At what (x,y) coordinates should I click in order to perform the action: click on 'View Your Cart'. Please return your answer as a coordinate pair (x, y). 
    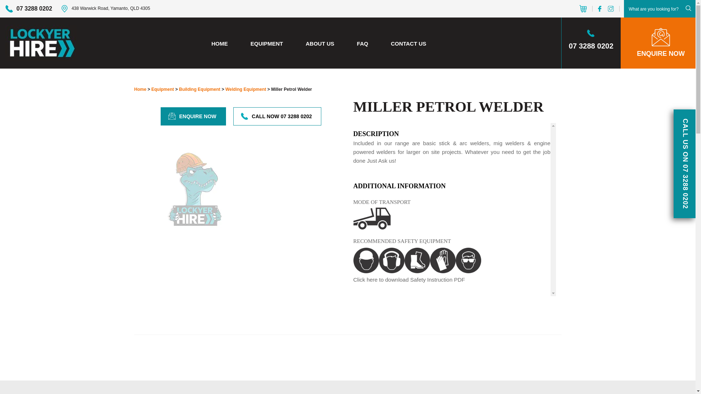
    Looking at the image, I should click on (583, 8).